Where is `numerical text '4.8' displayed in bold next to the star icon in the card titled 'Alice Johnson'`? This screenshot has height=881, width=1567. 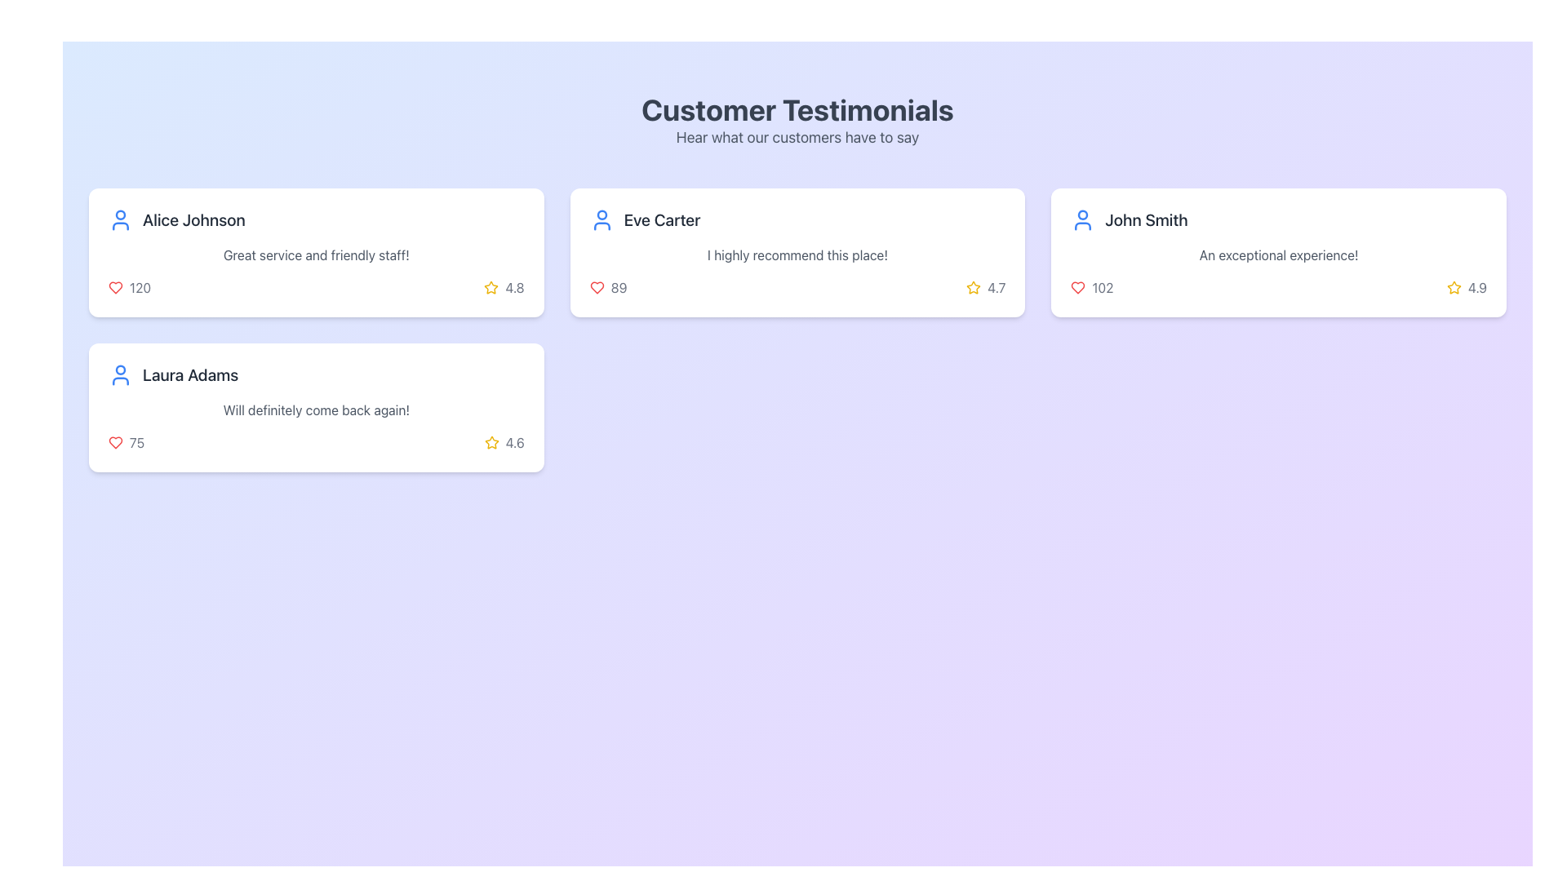
numerical text '4.8' displayed in bold next to the star icon in the card titled 'Alice Johnson' is located at coordinates (514, 287).